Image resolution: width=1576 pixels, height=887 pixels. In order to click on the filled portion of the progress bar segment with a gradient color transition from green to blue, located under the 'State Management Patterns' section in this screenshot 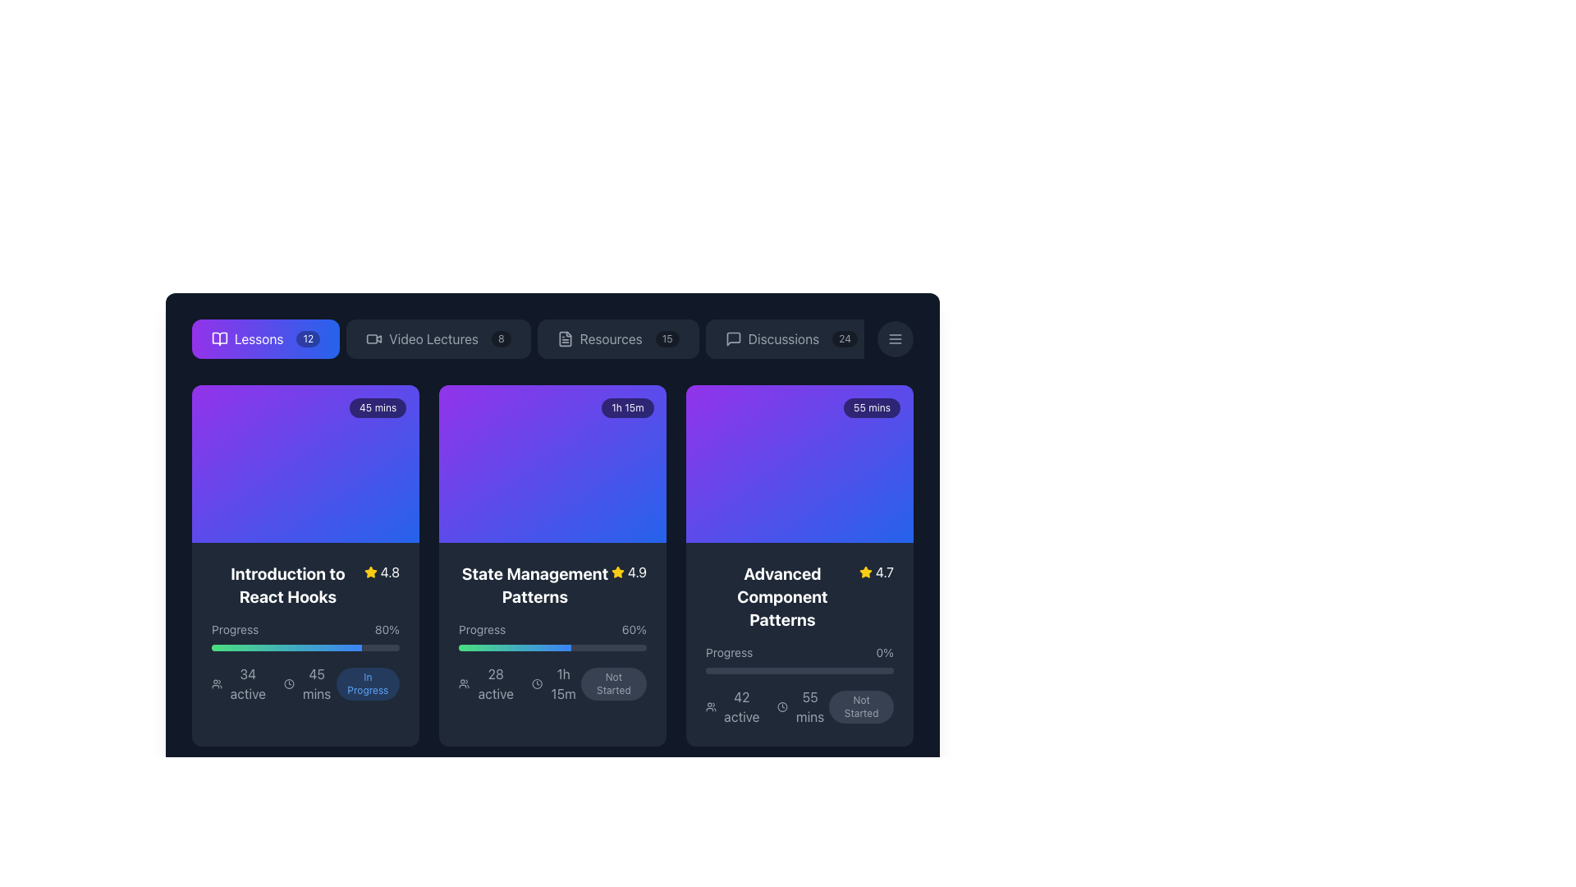, I will do `click(514, 647)`.